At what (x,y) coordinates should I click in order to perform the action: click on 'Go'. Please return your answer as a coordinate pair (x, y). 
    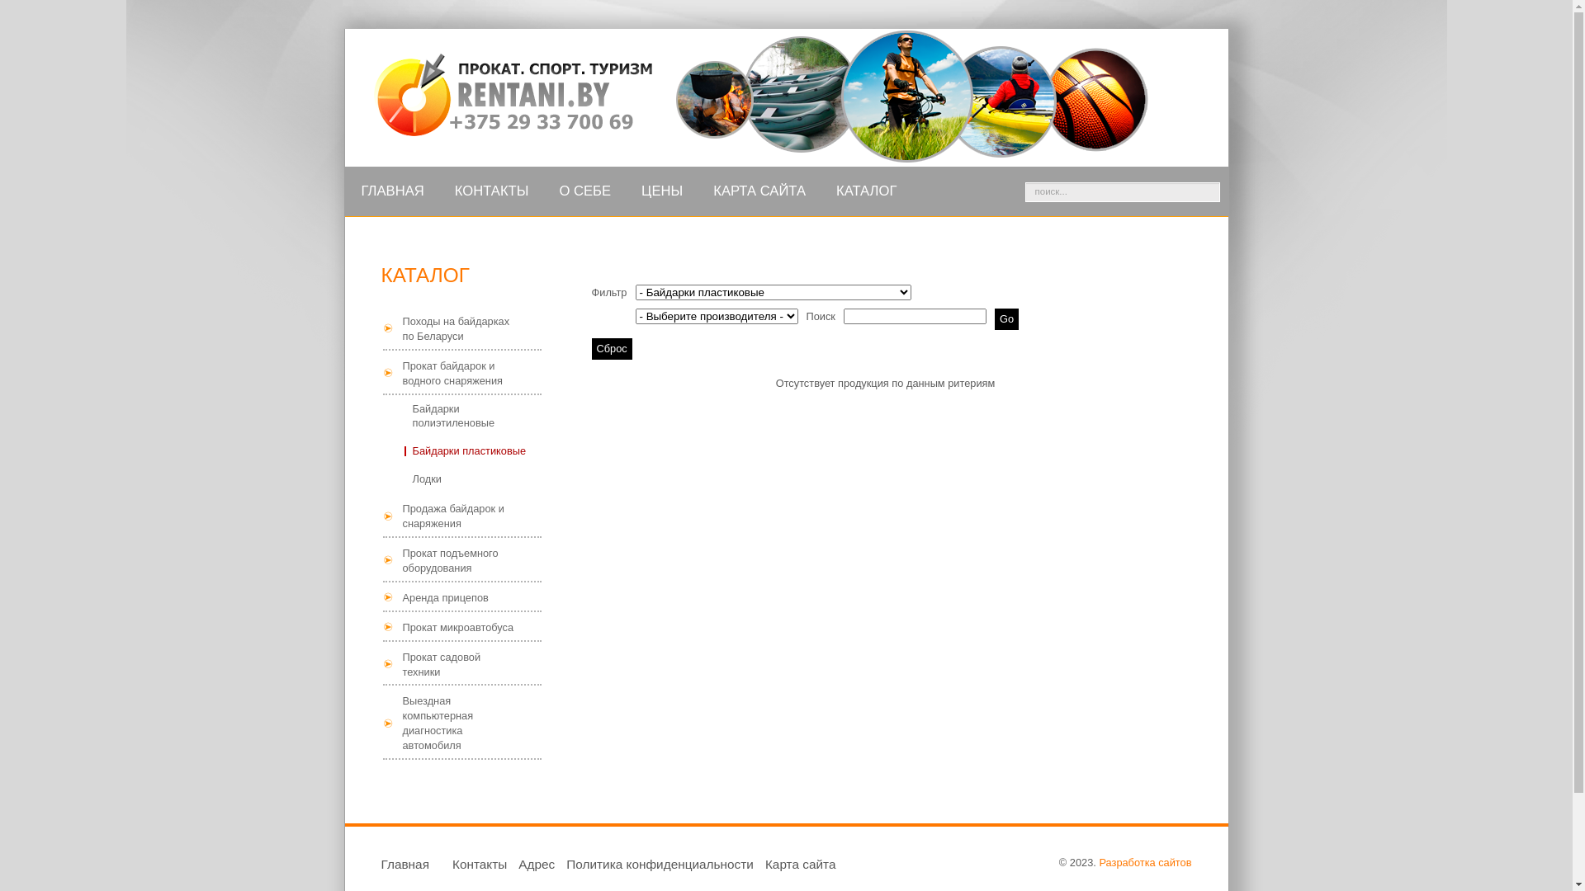
    Looking at the image, I should click on (1005, 318).